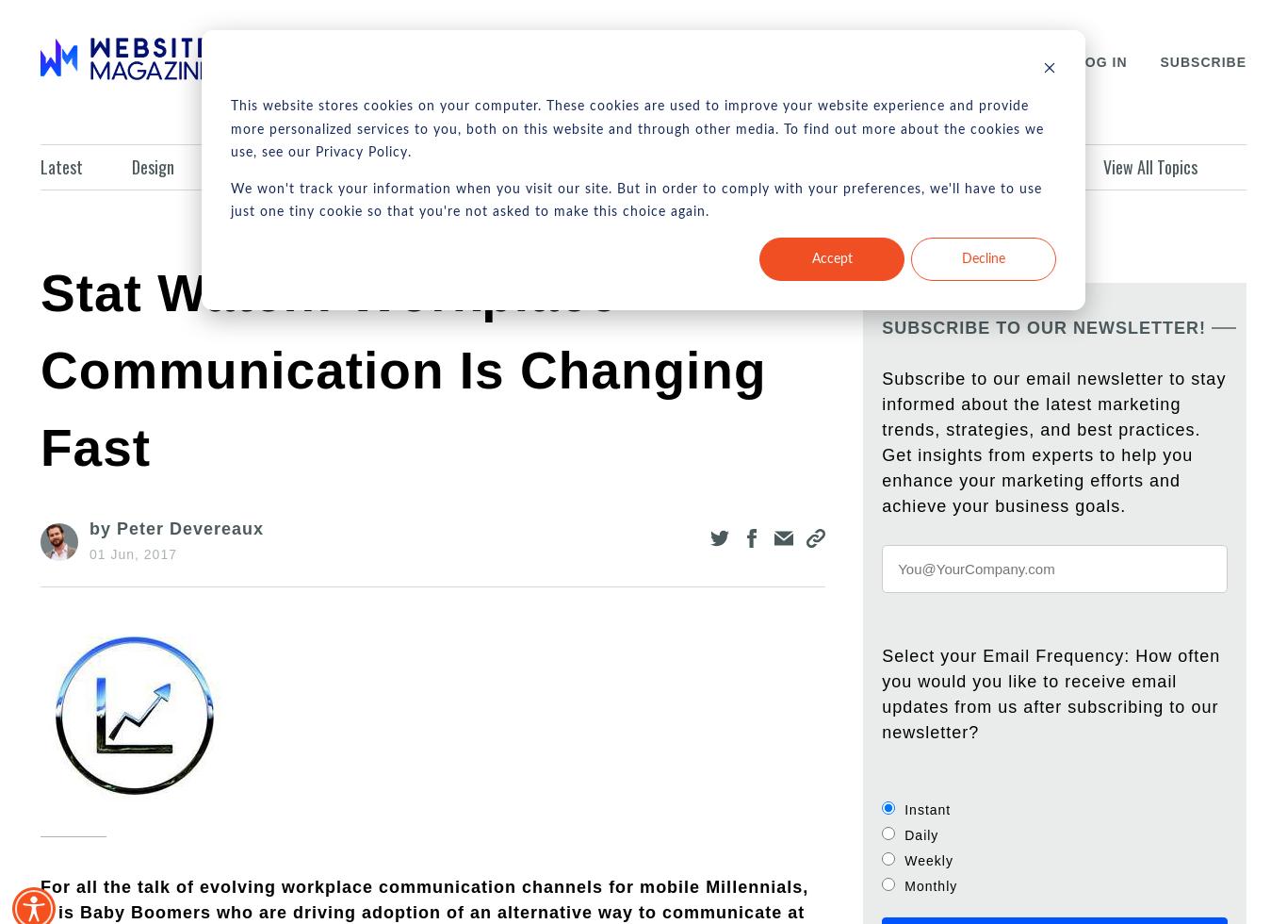 The height and width of the screenshot is (924, 1287). What do you see at coordinates (971, 166) in the screenshot?
I see `'Infographics'` at bounding box center [971, 166].